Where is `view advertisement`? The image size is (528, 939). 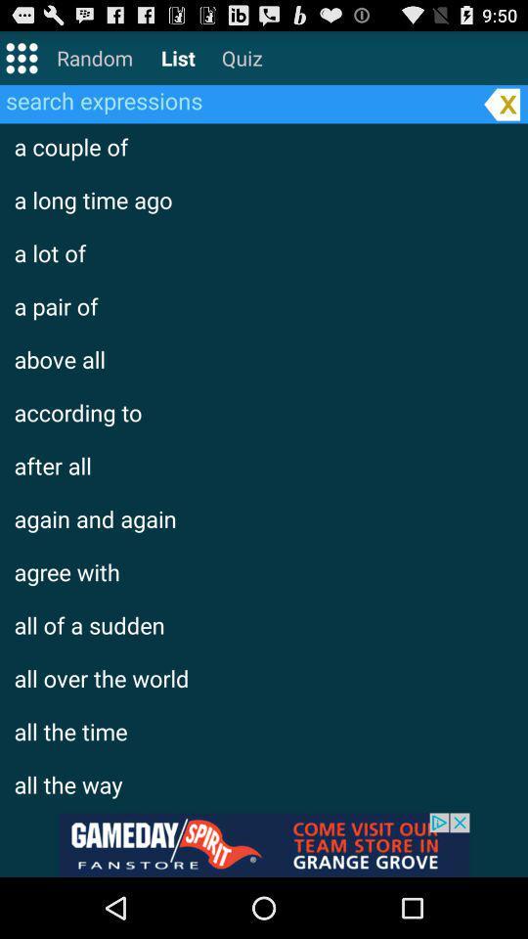 view advertisement is located at coordinates (264, 844).